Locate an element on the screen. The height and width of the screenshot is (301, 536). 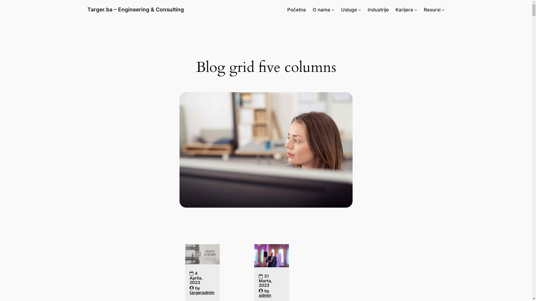
'Industrije' is located at coordinates (367, 9).